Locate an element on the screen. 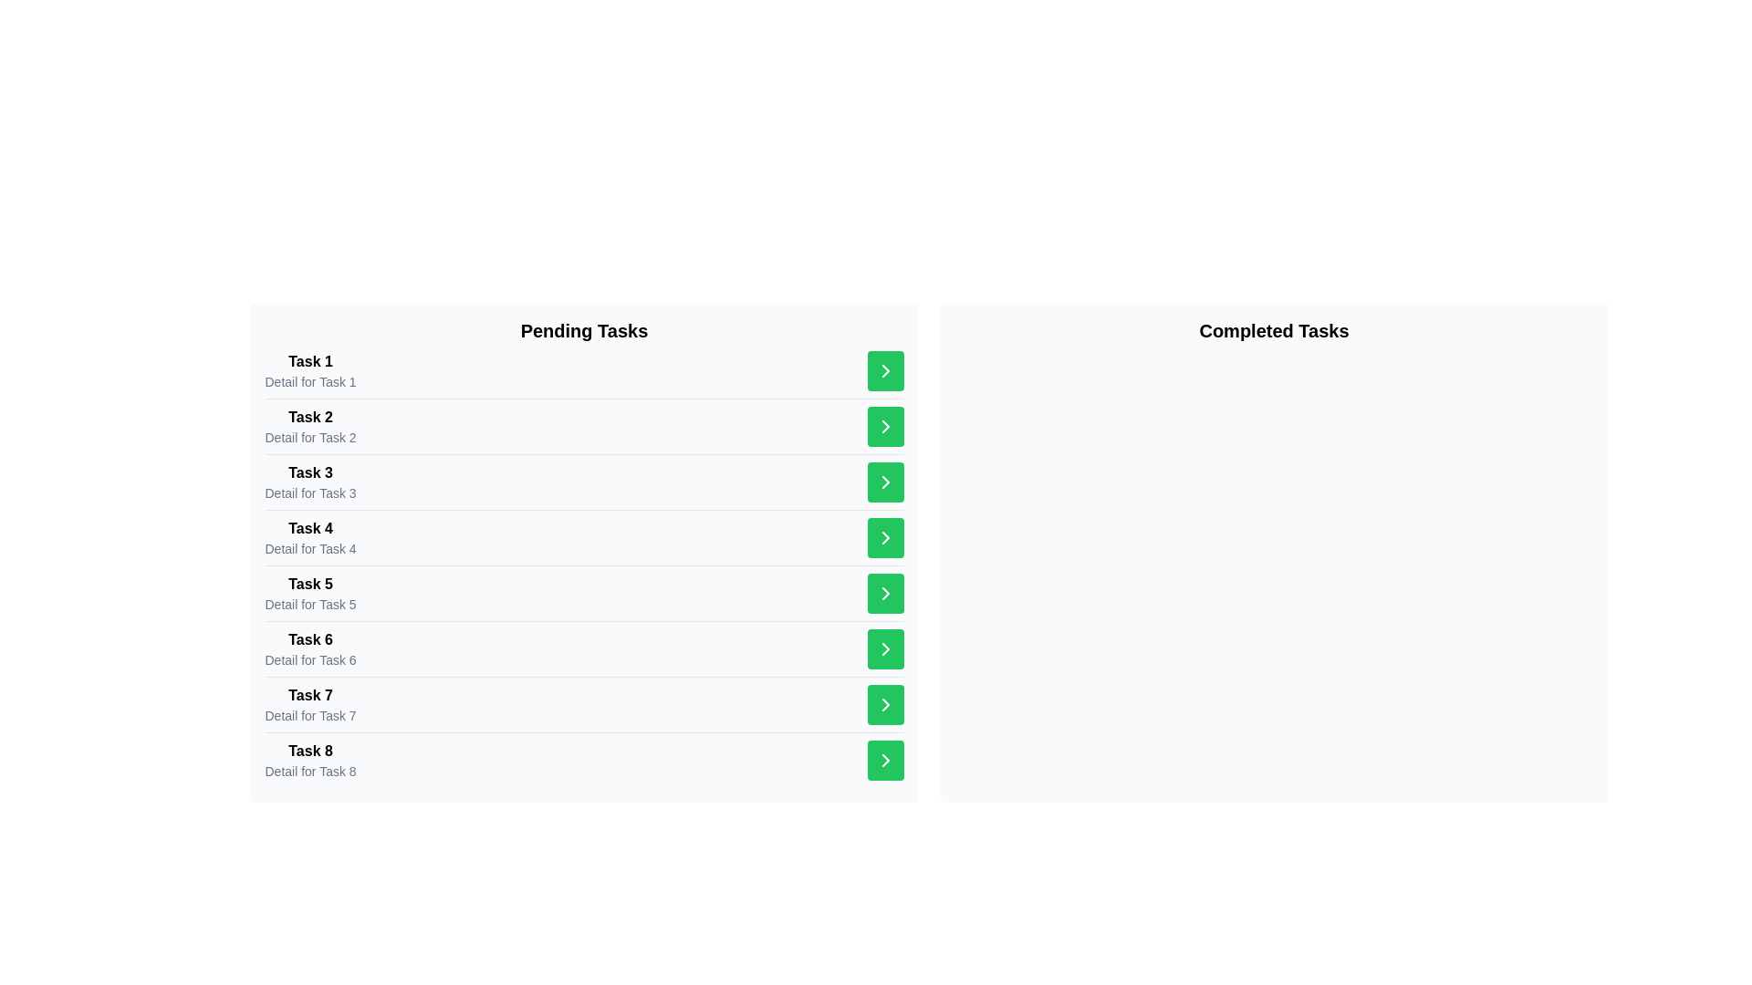 The image size is (1752, 985). the heading text 'Completed Tasks', which is styled in bold and large font, located at the top of the right panel with a light gray background is located at coordinates (1273, 330).